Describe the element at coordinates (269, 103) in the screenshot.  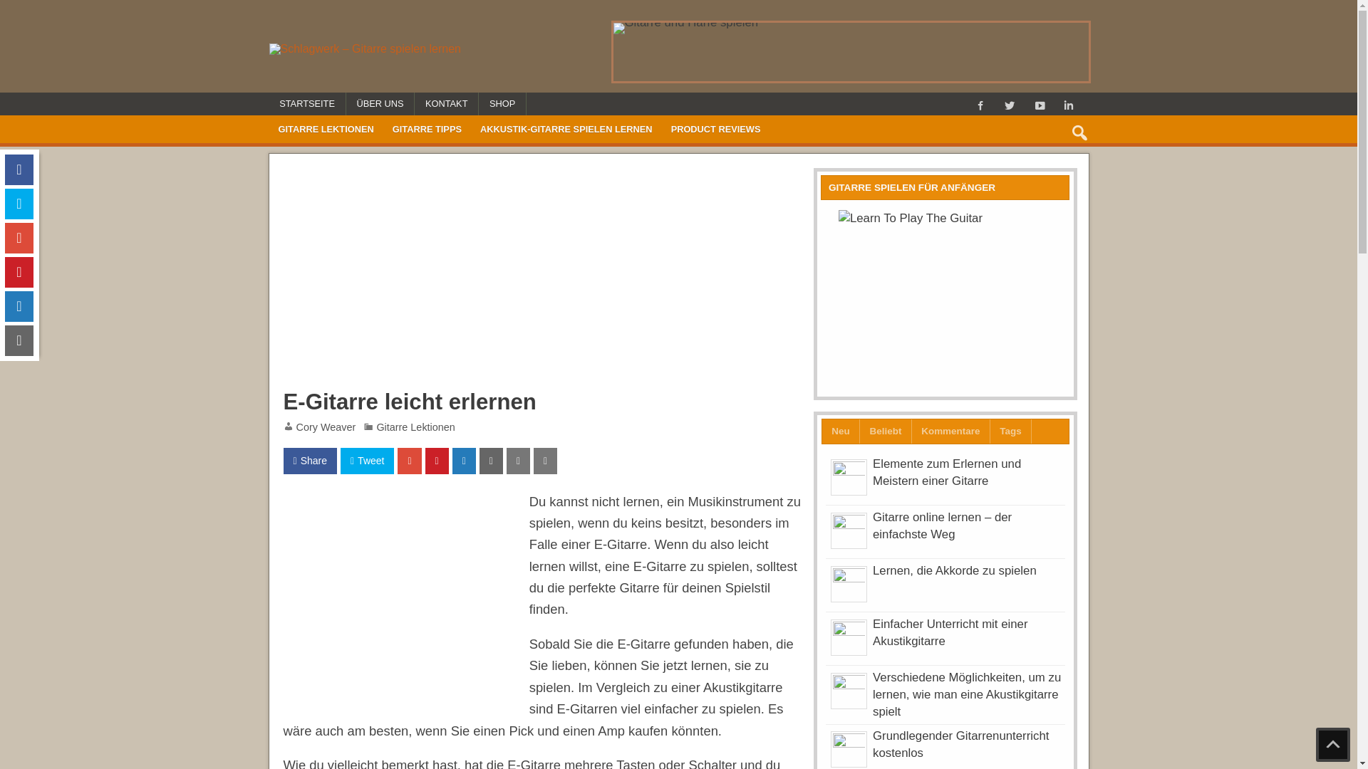
I see `'STARTSEITE'` at that location.